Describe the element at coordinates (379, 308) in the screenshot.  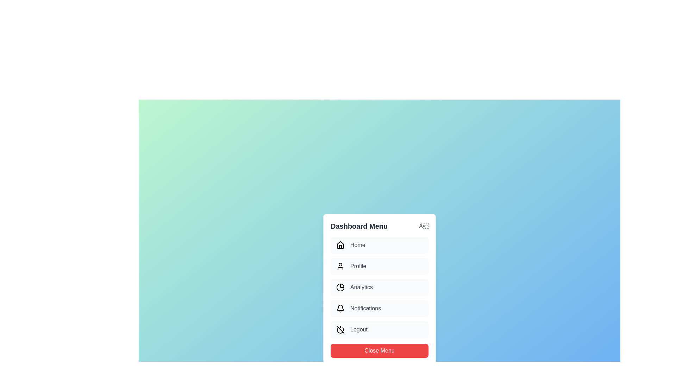
I see `the menu item Notifications` at that location.